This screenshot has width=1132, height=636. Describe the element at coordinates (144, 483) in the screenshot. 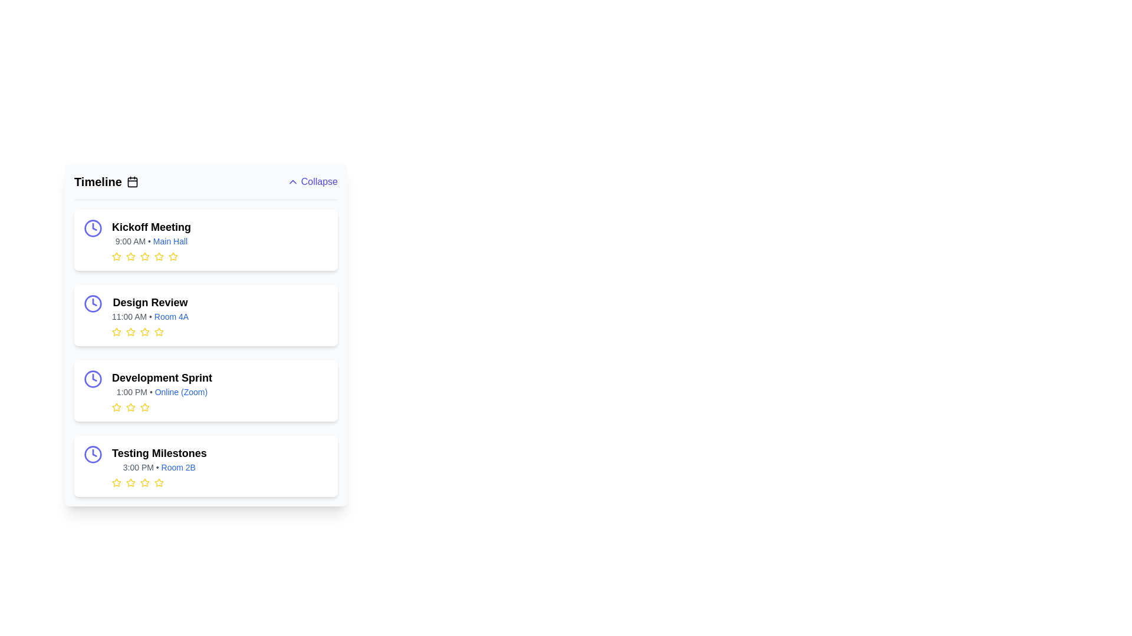

I see `the fourth rating star located at the bottom of the 'Testing Milestones' section` at that location.